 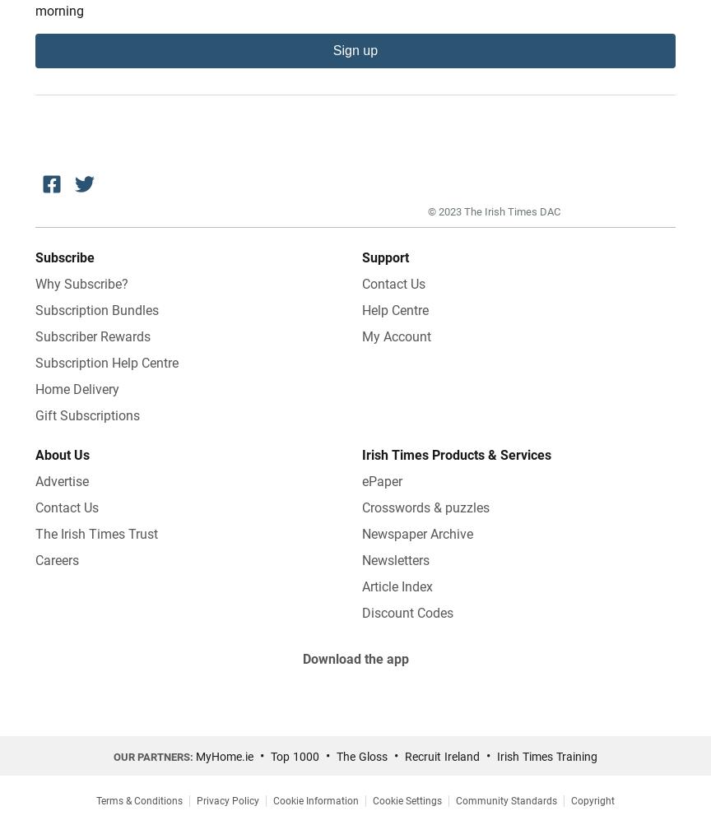 What do you see at coordinates (227, 800) in the screenshot?
I see `'Privacy Policy'` at bounding box center [227, 800].